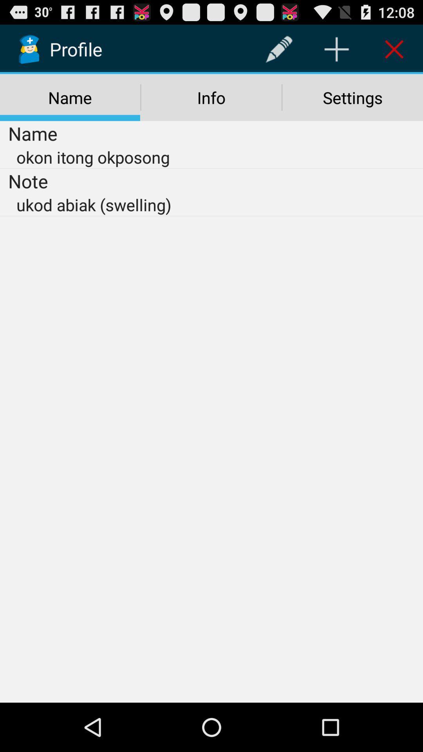 The width and height of the screenshot is (423, 752). I want to click on the item next to name icon, so click(211, 97).